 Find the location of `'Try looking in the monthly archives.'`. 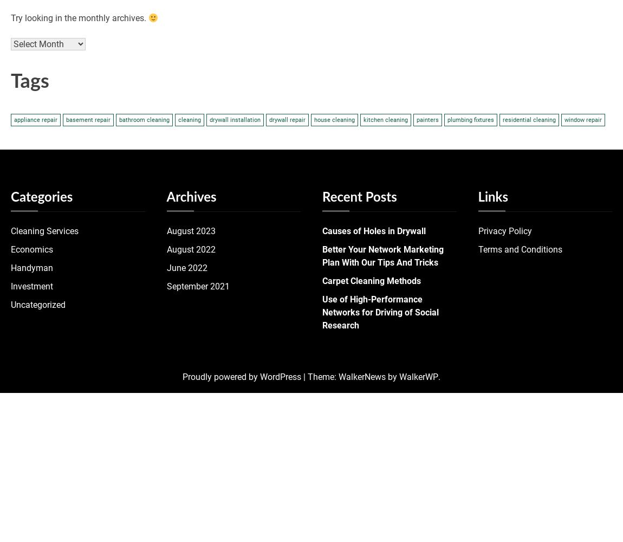

'Try looking in the monthly archives.' is located at coordinates (79, 18).